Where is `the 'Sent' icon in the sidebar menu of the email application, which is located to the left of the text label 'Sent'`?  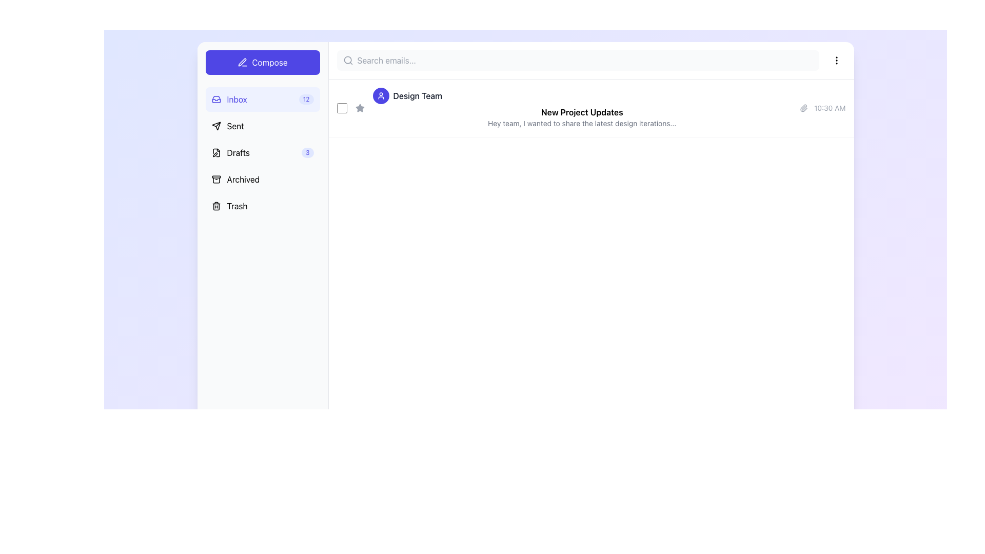
the 'Sent' icon in the sidebar menu of the email application, which is located to the left of the text label 'Sent' is located at coordinates (215, 126).